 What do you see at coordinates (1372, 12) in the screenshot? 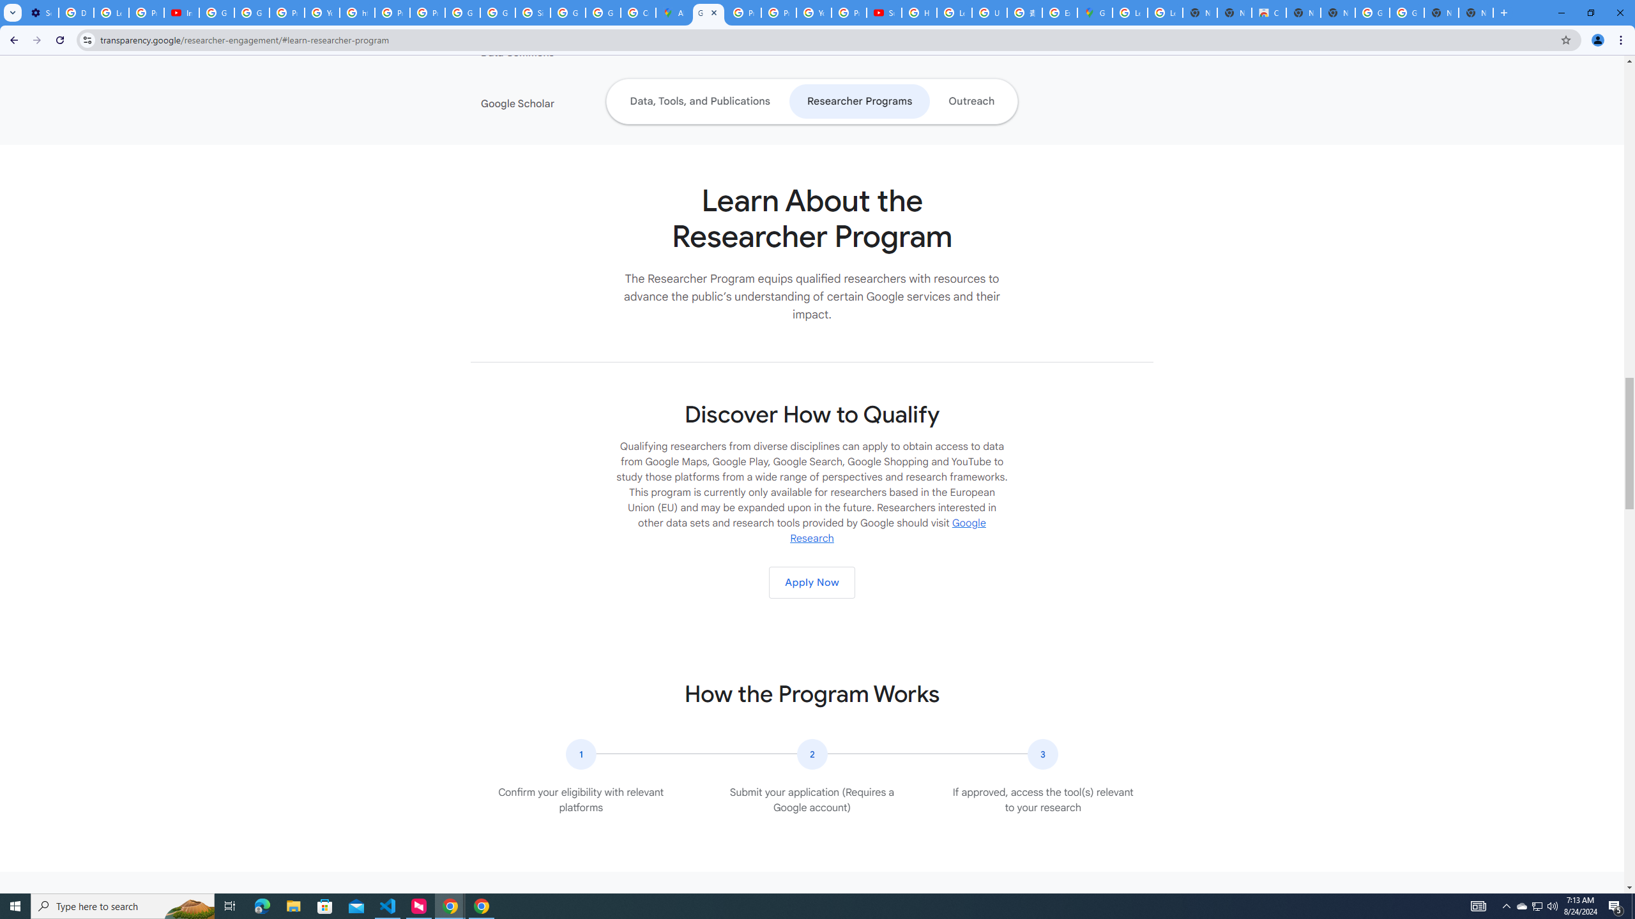
I see `'Google Images'` at bounding box center [1372, 12].